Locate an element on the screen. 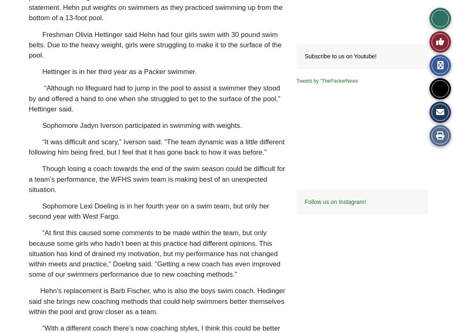 This screenshot has height=333, width=453. 'Tweets by "ThePackerNews' is located at coordinates (327, 81).